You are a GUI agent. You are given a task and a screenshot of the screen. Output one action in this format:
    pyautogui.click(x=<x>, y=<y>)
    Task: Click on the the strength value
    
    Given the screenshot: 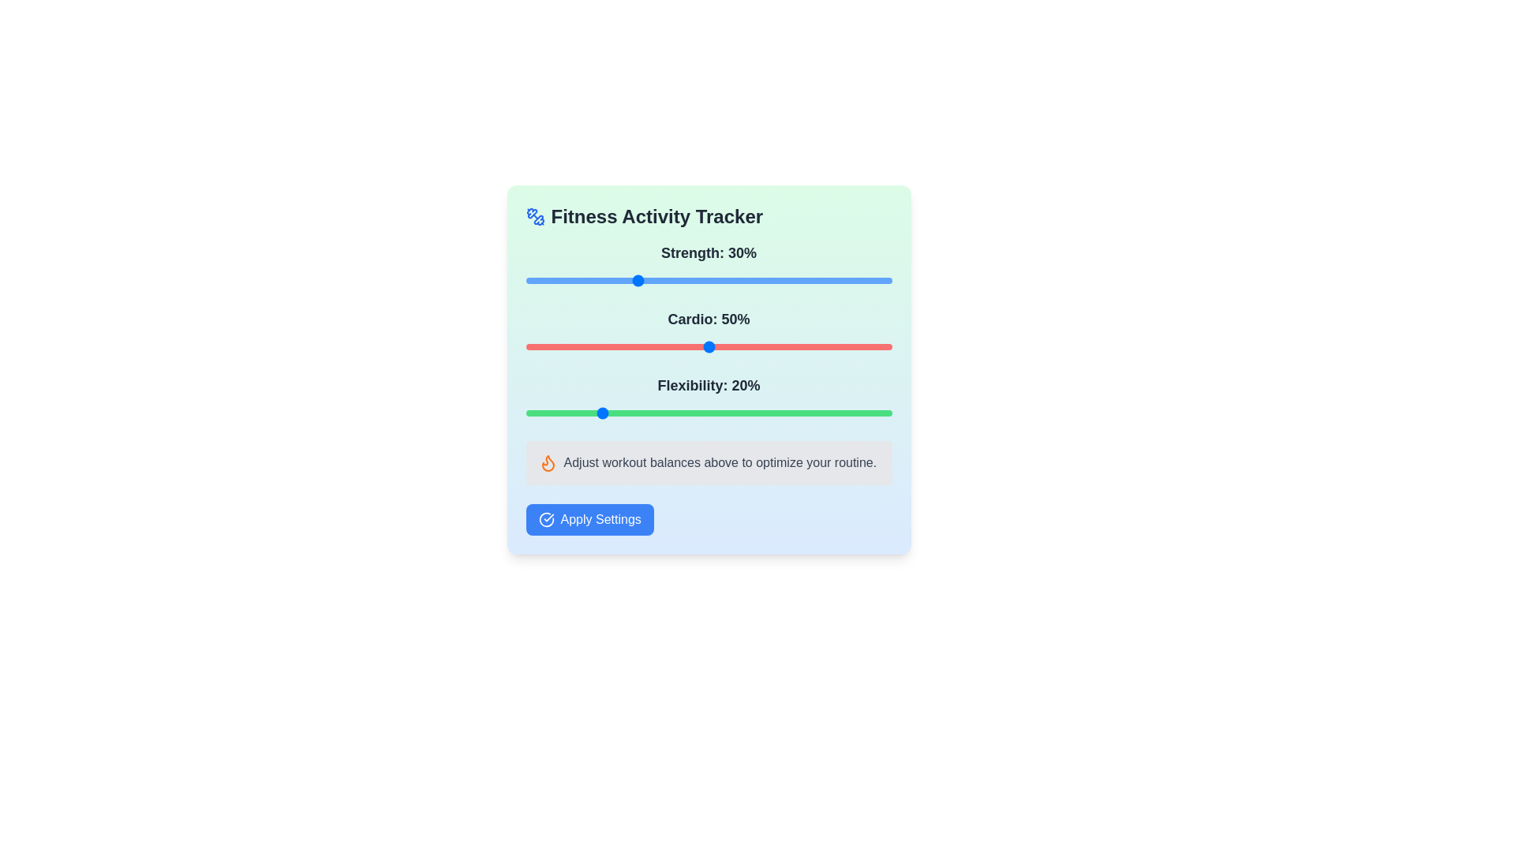 What is the action you would take?
    pyautogui.click(x=832, y=279)
    